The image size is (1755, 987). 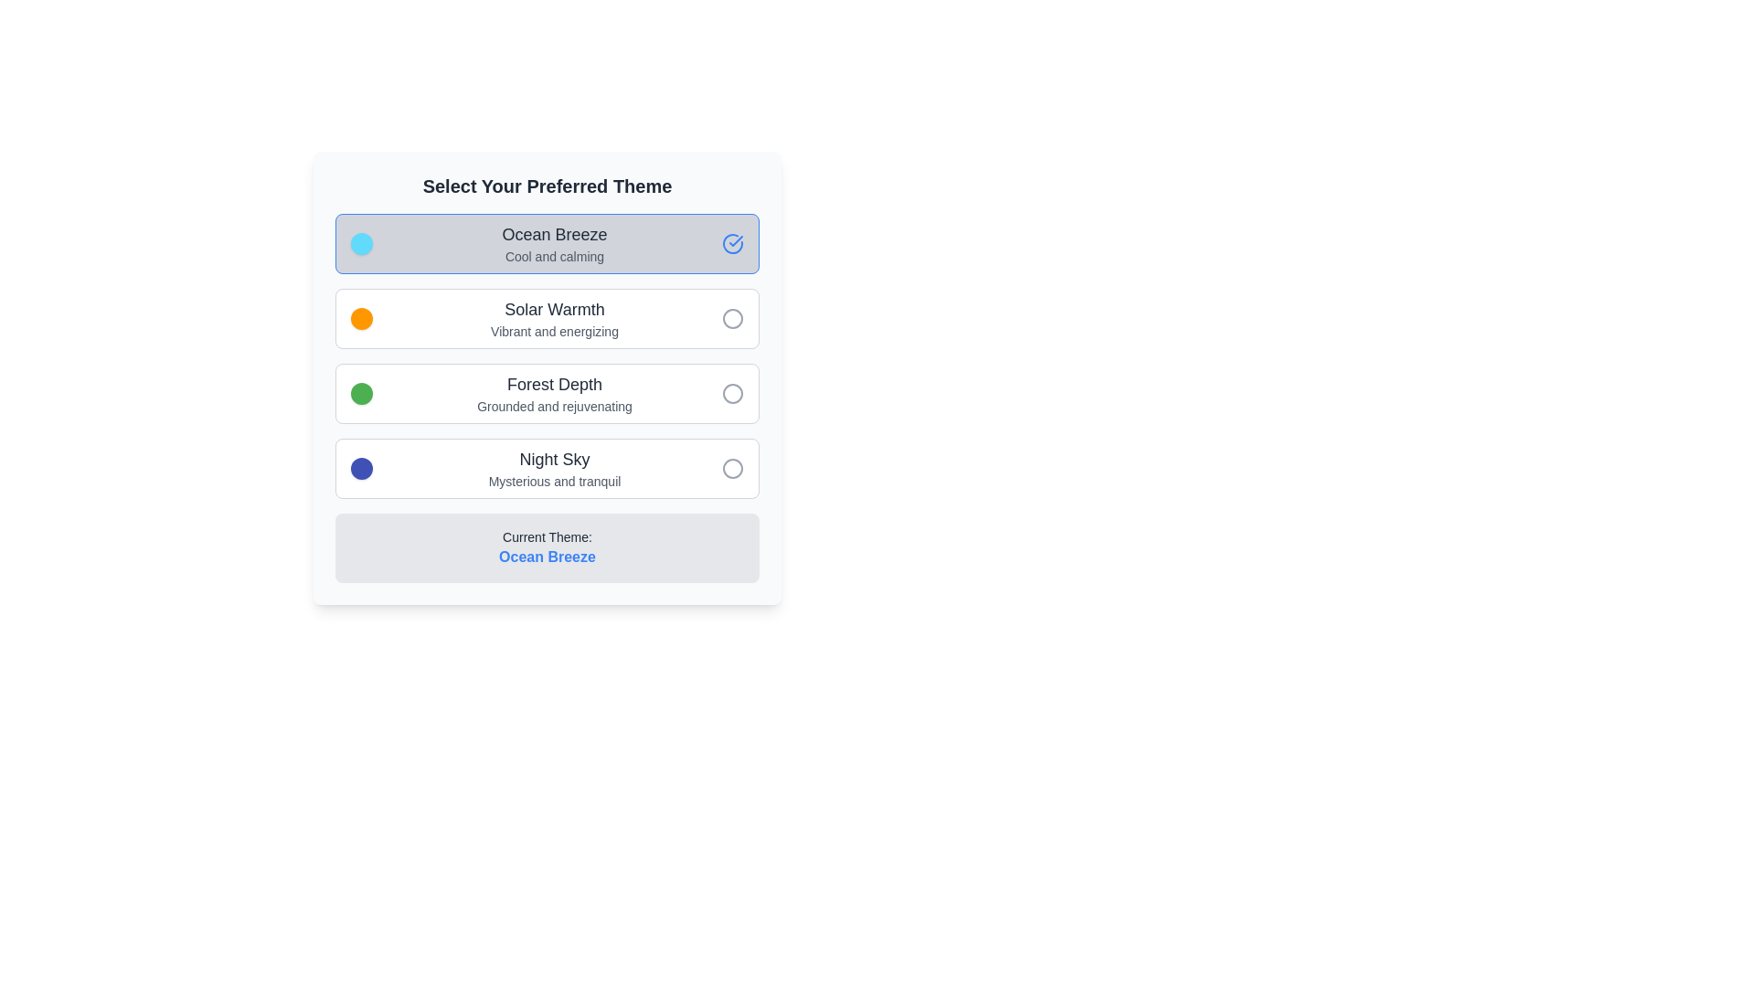 What do you see at coordinates (732, 393) in the screenshot?
I see `the third circular element in the vertical list next to the 'Forest Depth' theme option, which is a thin-stroke gray circle within an SVG` at bounding box center [732, 393].